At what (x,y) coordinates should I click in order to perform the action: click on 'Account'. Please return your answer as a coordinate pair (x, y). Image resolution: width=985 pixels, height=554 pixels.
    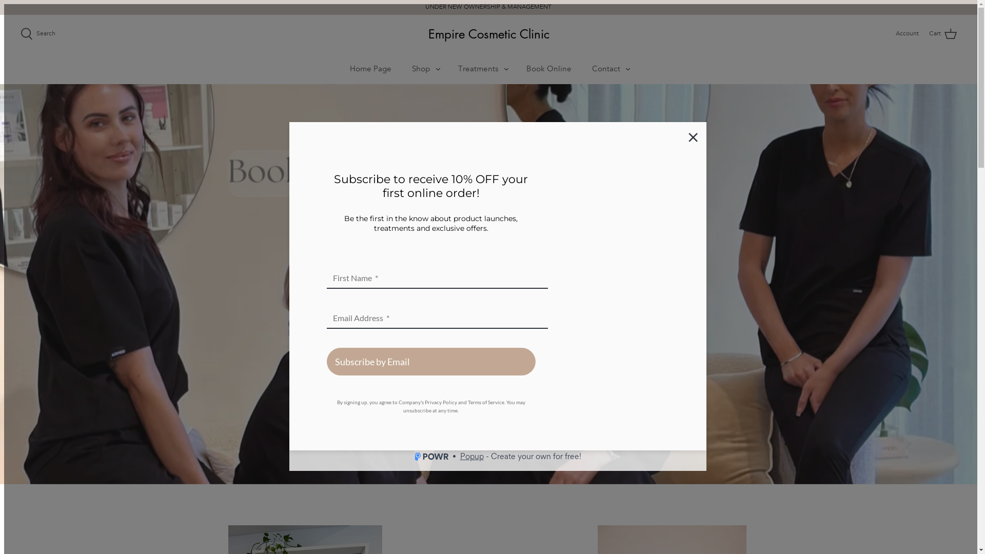
    Looking at the image, I should click on (907, 33).